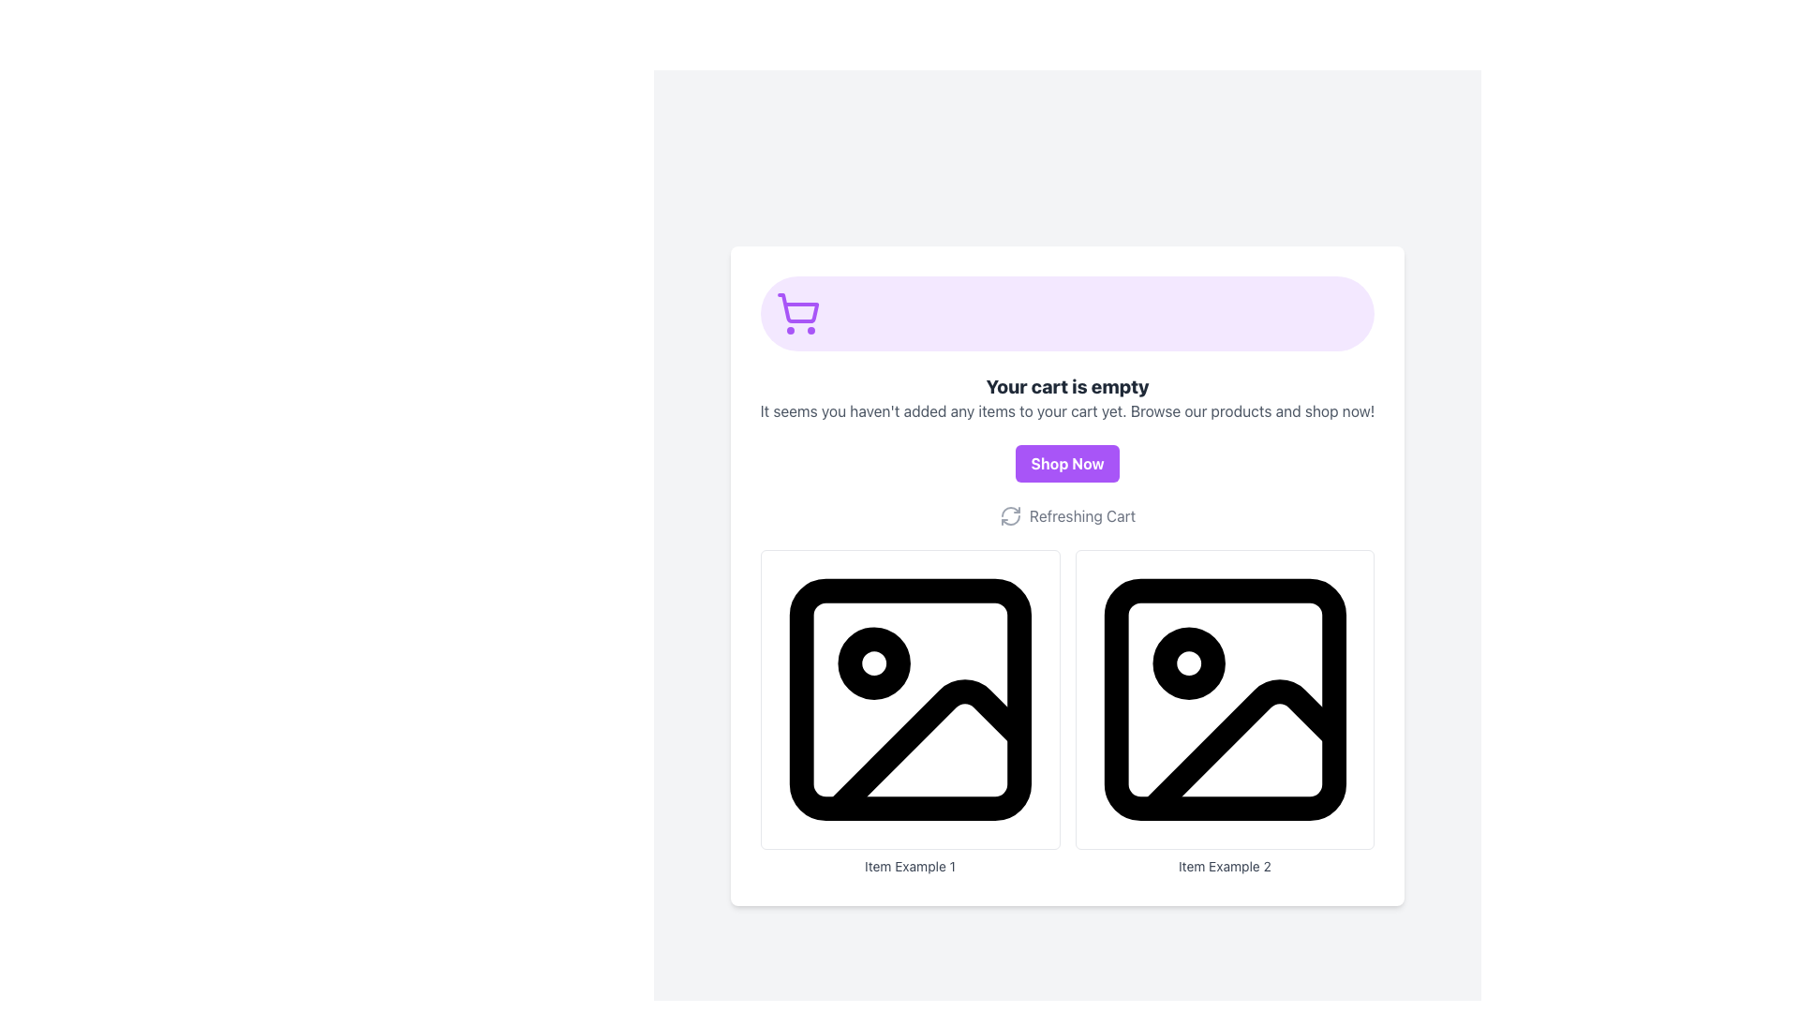 The height and width of the screenshot is (1012, 1799). I want to click on the lower-right curved arrow segment of the refresh icon, which is located centrally below the 'Your cart is empty' message, so click(1009, 520).